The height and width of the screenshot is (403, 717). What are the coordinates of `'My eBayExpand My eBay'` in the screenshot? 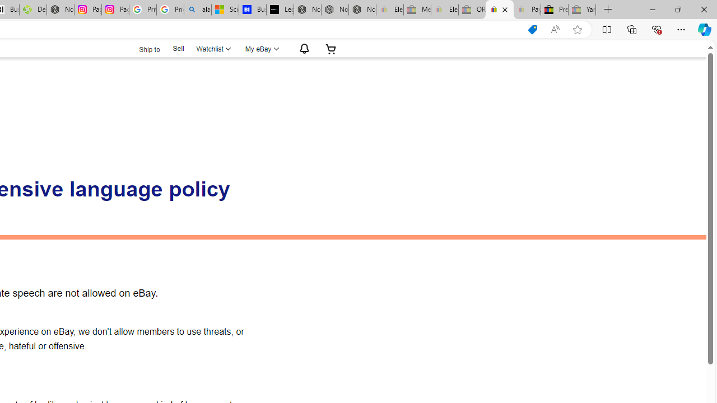 It's located at (260, 48).